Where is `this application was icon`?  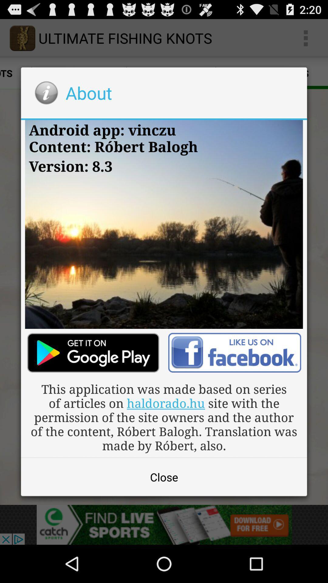
this application was icon is located at coordinates (164, 417).